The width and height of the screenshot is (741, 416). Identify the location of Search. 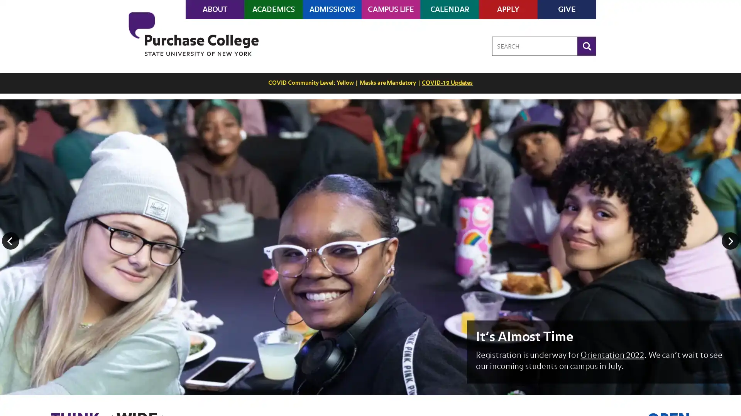
(587, 46).